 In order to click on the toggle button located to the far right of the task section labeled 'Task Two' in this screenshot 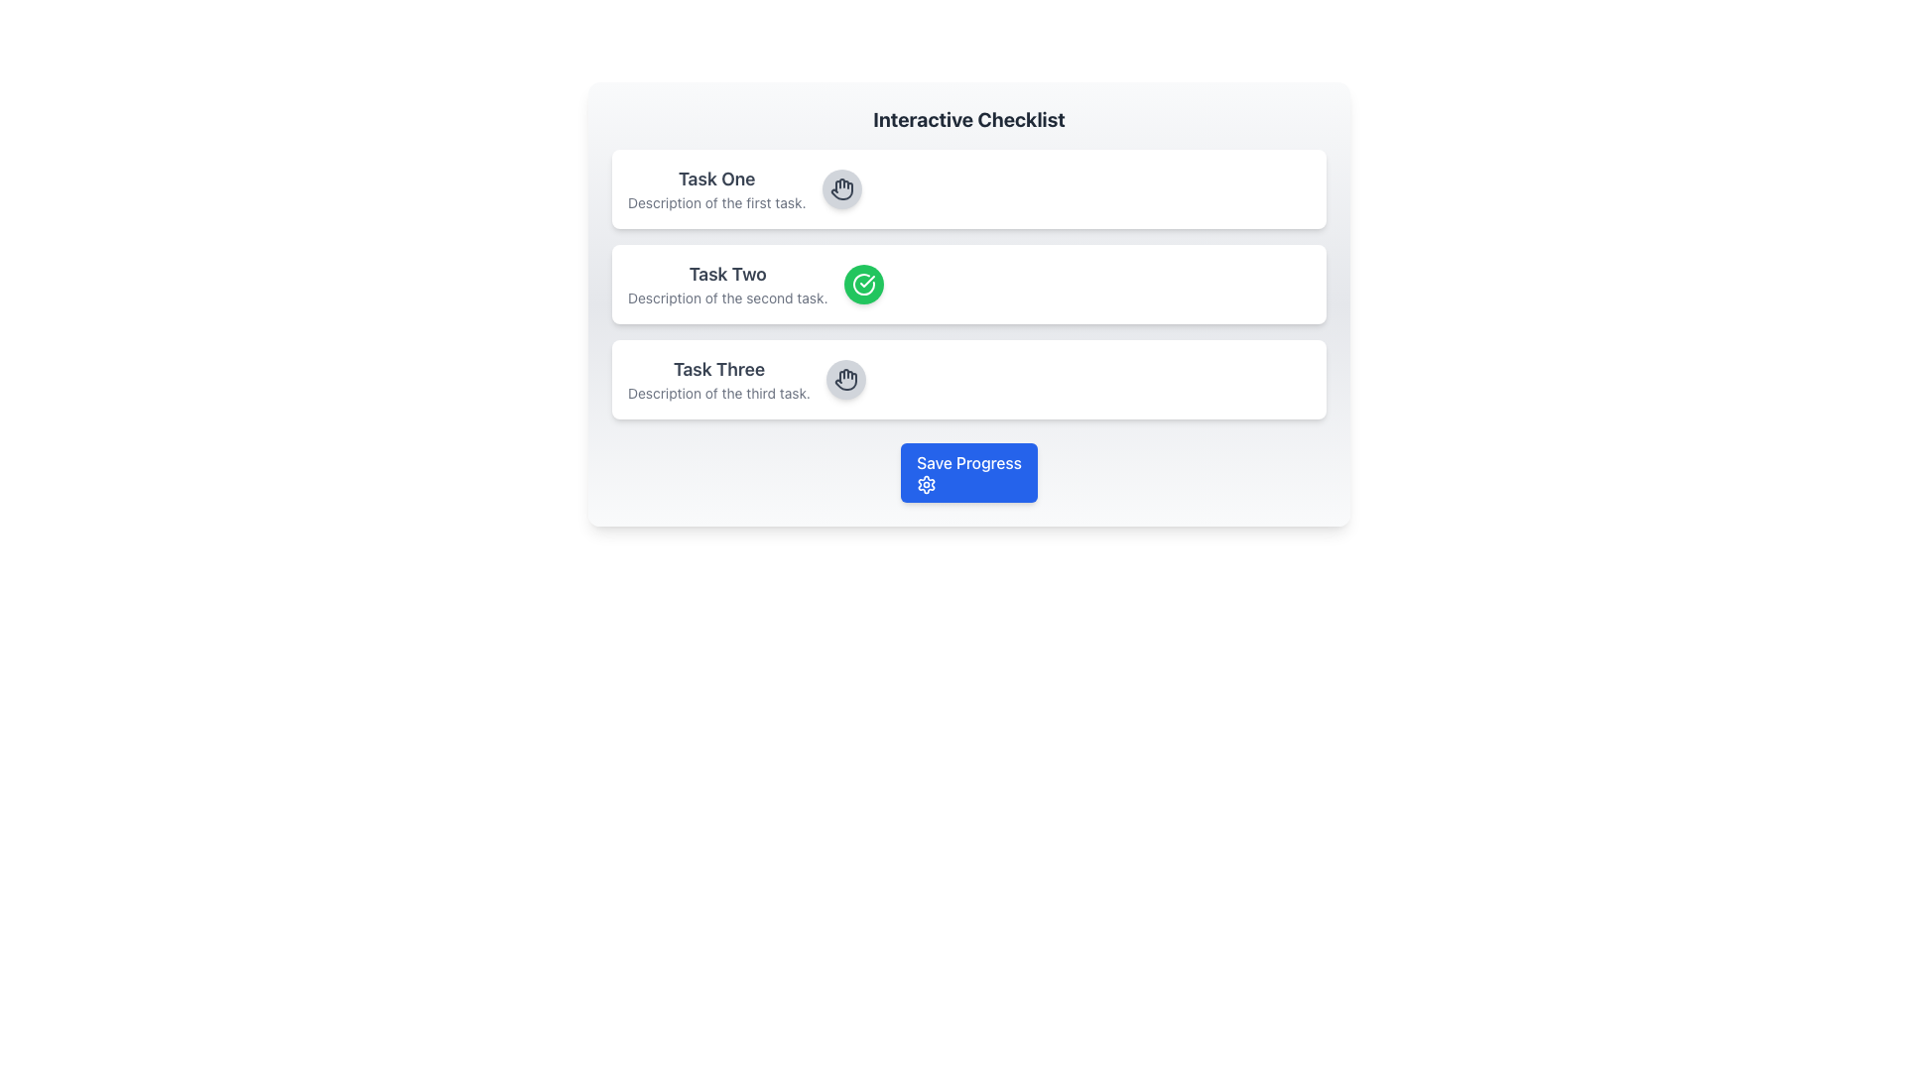, I will do `click(863, 284)`.